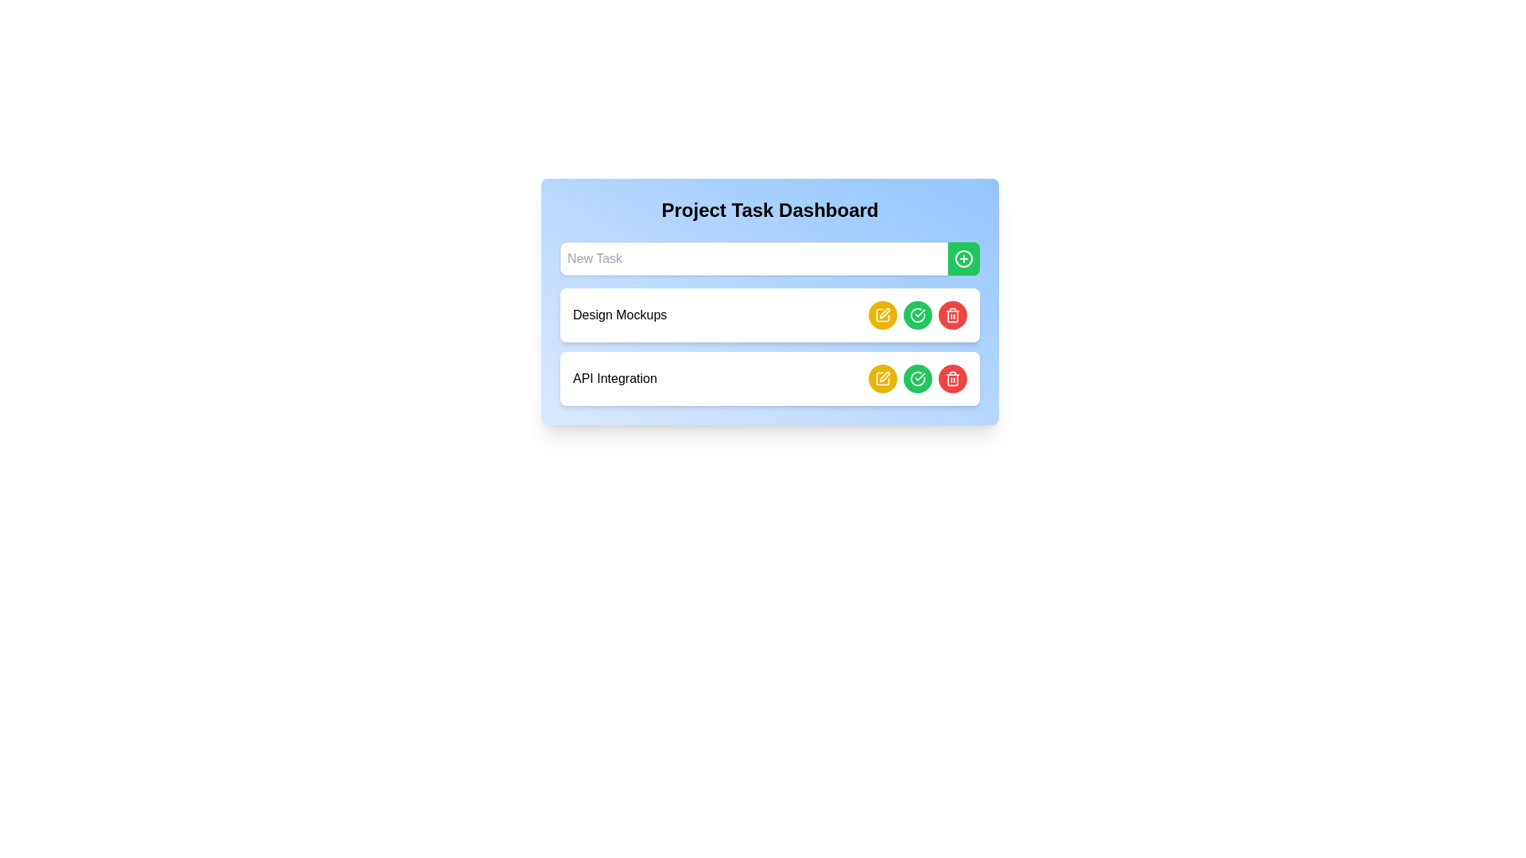 This screenshot has height=858, width=1526. Describe the element at coordinates (953, 379) in the screenshot. I see `the third button in the action button group` at that location.